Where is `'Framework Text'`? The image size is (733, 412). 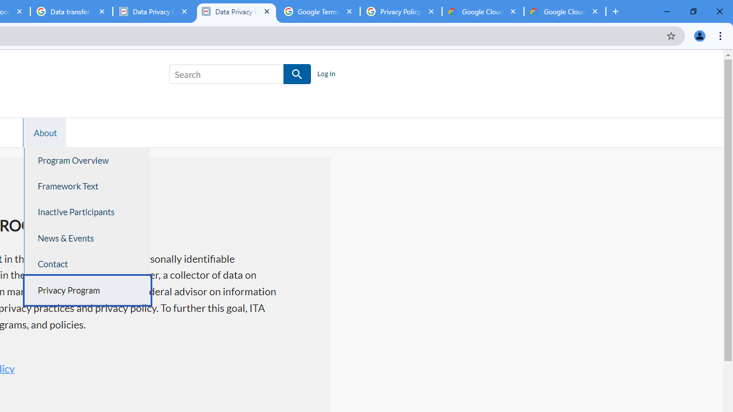 'Framework Text' is located at coordinates (86, 185).